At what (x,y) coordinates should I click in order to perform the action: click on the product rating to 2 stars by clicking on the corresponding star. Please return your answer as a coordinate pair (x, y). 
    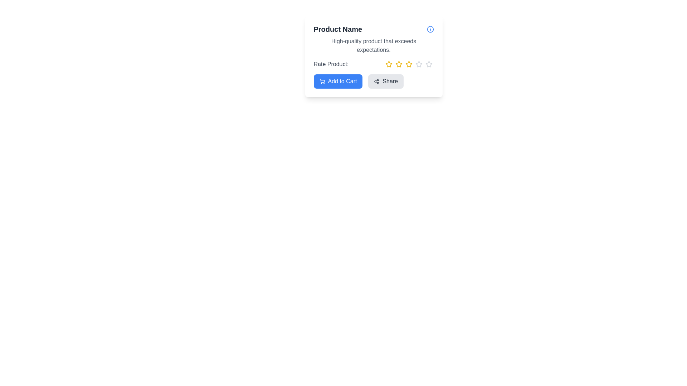
    Looking at the image, I should click on (398, 64).